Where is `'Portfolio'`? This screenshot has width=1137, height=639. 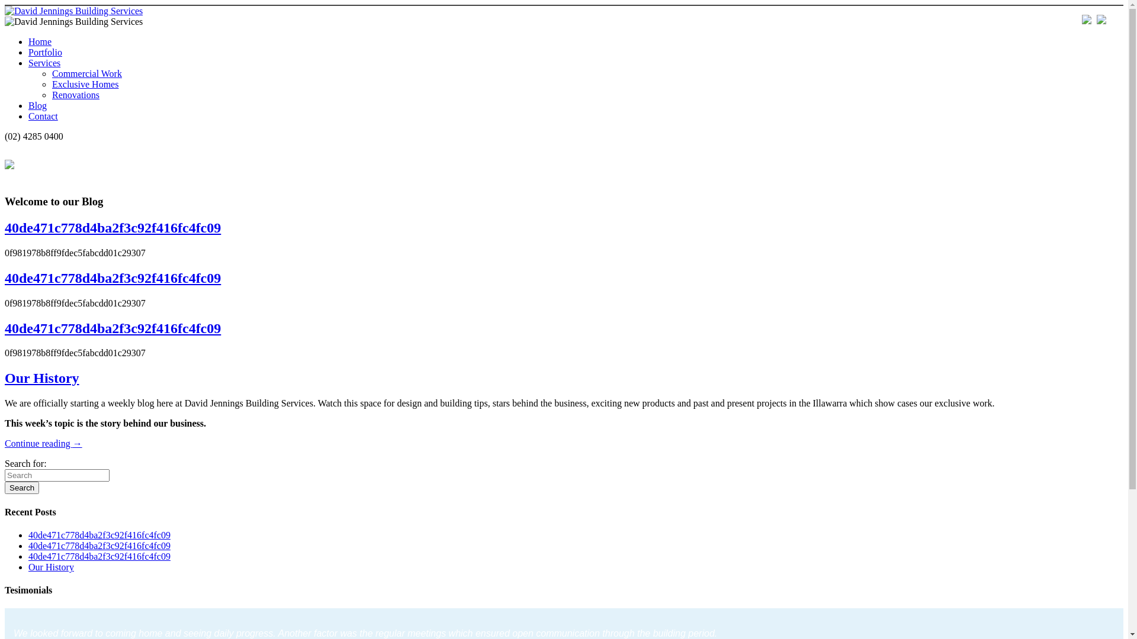
'Portfolio' is located at coordinates (45, 51).